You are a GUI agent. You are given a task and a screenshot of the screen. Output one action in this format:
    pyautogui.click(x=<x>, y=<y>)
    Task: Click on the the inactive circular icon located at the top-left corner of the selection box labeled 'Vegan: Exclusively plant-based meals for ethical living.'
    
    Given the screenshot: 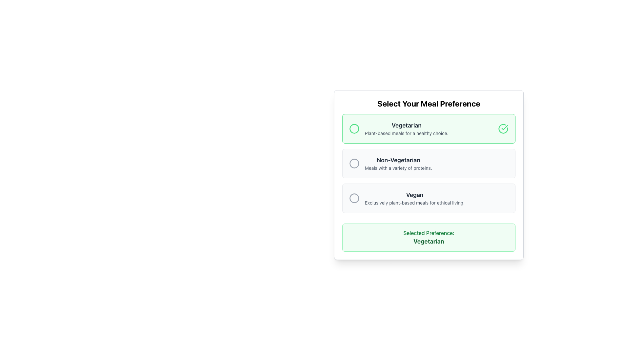 What is the action you would take?
    pyautogui.click(x=354, y=198)
    